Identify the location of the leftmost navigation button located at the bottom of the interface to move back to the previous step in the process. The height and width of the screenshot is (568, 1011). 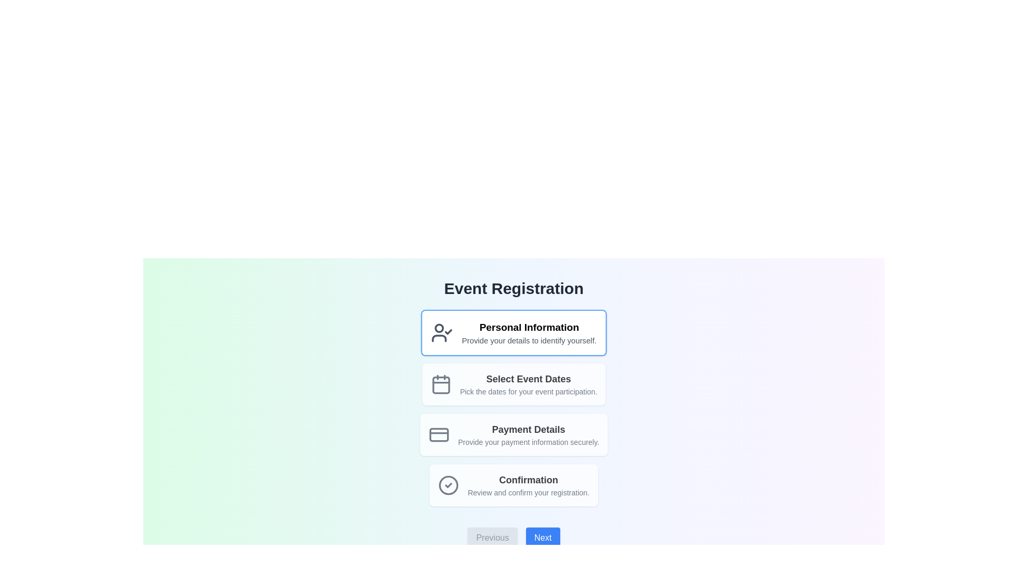
(492, 537).